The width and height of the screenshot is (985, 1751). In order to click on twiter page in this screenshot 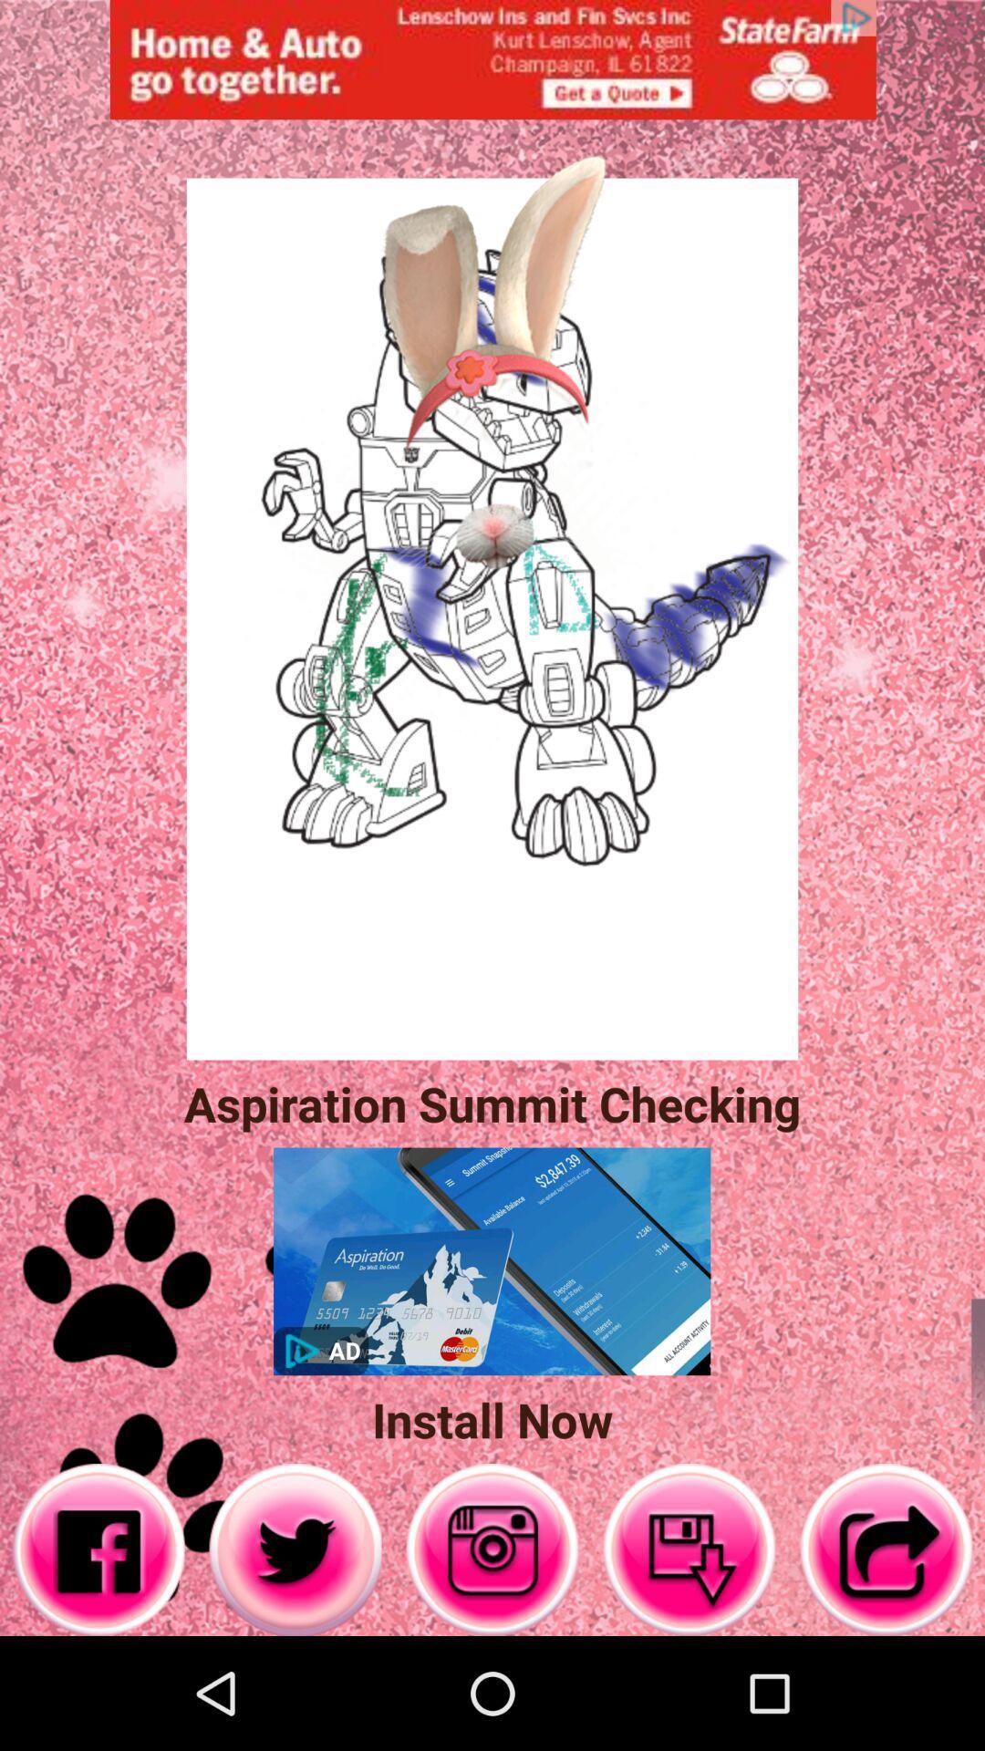, I will do `click(295, 1549)`.